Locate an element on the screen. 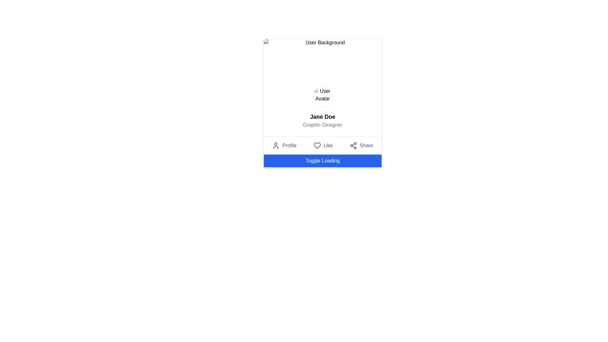 The height and width of the screenshot is (342, 608). the 'Like' button is located at coordinates (323, 145).